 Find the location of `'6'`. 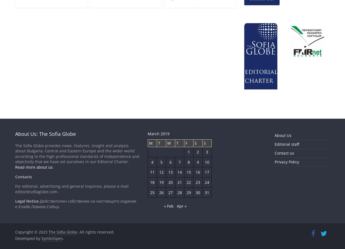

'6' is located at coordinates (170, 162).